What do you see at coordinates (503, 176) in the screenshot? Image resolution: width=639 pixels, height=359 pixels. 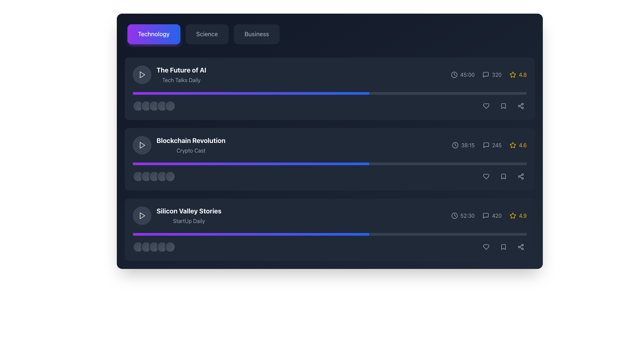 I see `the bookmark icon in the 'Silicon Valley Stories' section, which is a minimalistic icon resembling an open book or flag, located at the bottom row aligned to the right side next to a heart icon` at bounding box center [503, 176].